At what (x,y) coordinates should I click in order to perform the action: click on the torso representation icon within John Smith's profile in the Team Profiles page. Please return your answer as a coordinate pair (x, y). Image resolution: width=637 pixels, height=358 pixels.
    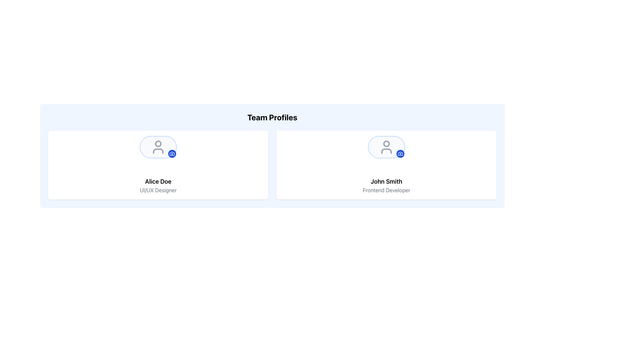
    Looking at the image, I should click on (387, 151).